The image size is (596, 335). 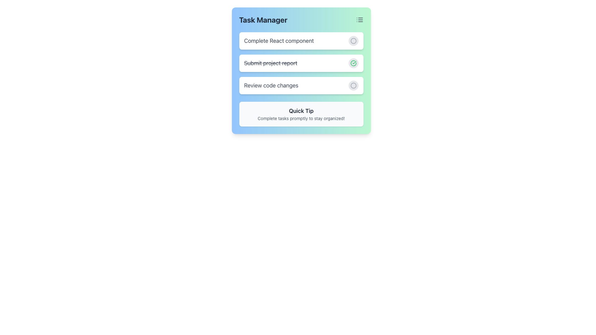 I want to click on the task cards in the Task List located in the 'Task Manager' section to possibly reveal additional information, so click(x=301, y=63).